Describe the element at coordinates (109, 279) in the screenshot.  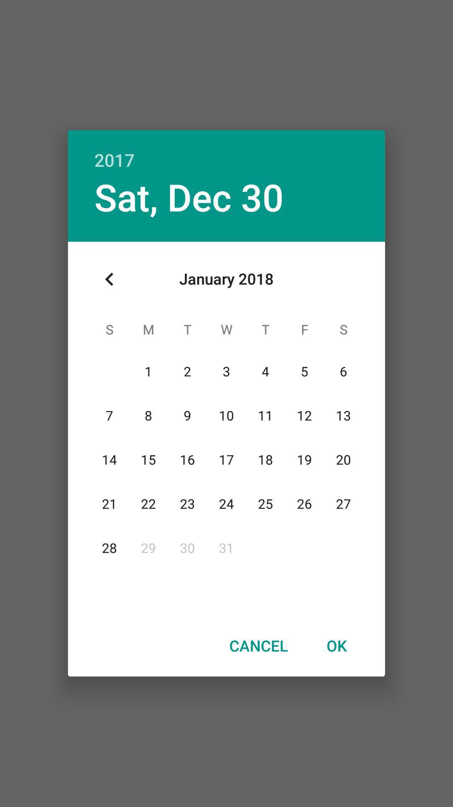
I see `item below sat, dec 30 item` at that location.